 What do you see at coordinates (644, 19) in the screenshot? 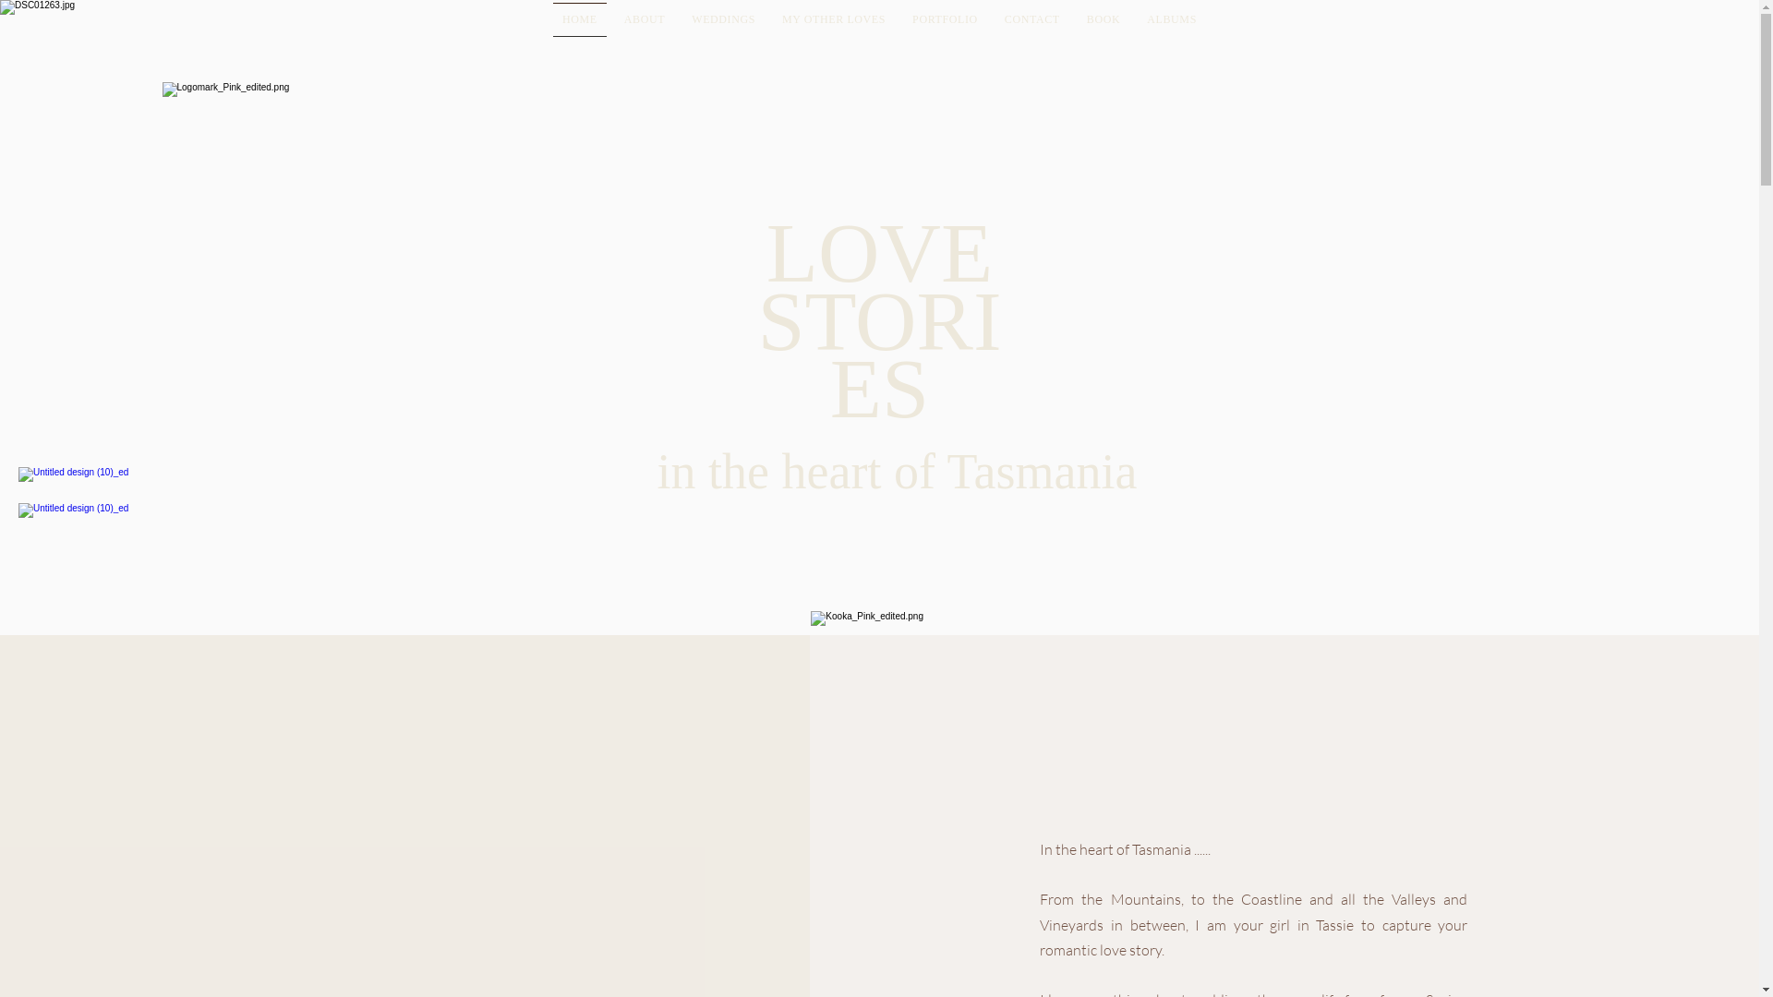
I see `'ABOUT'` at bounding box center [644, 19].